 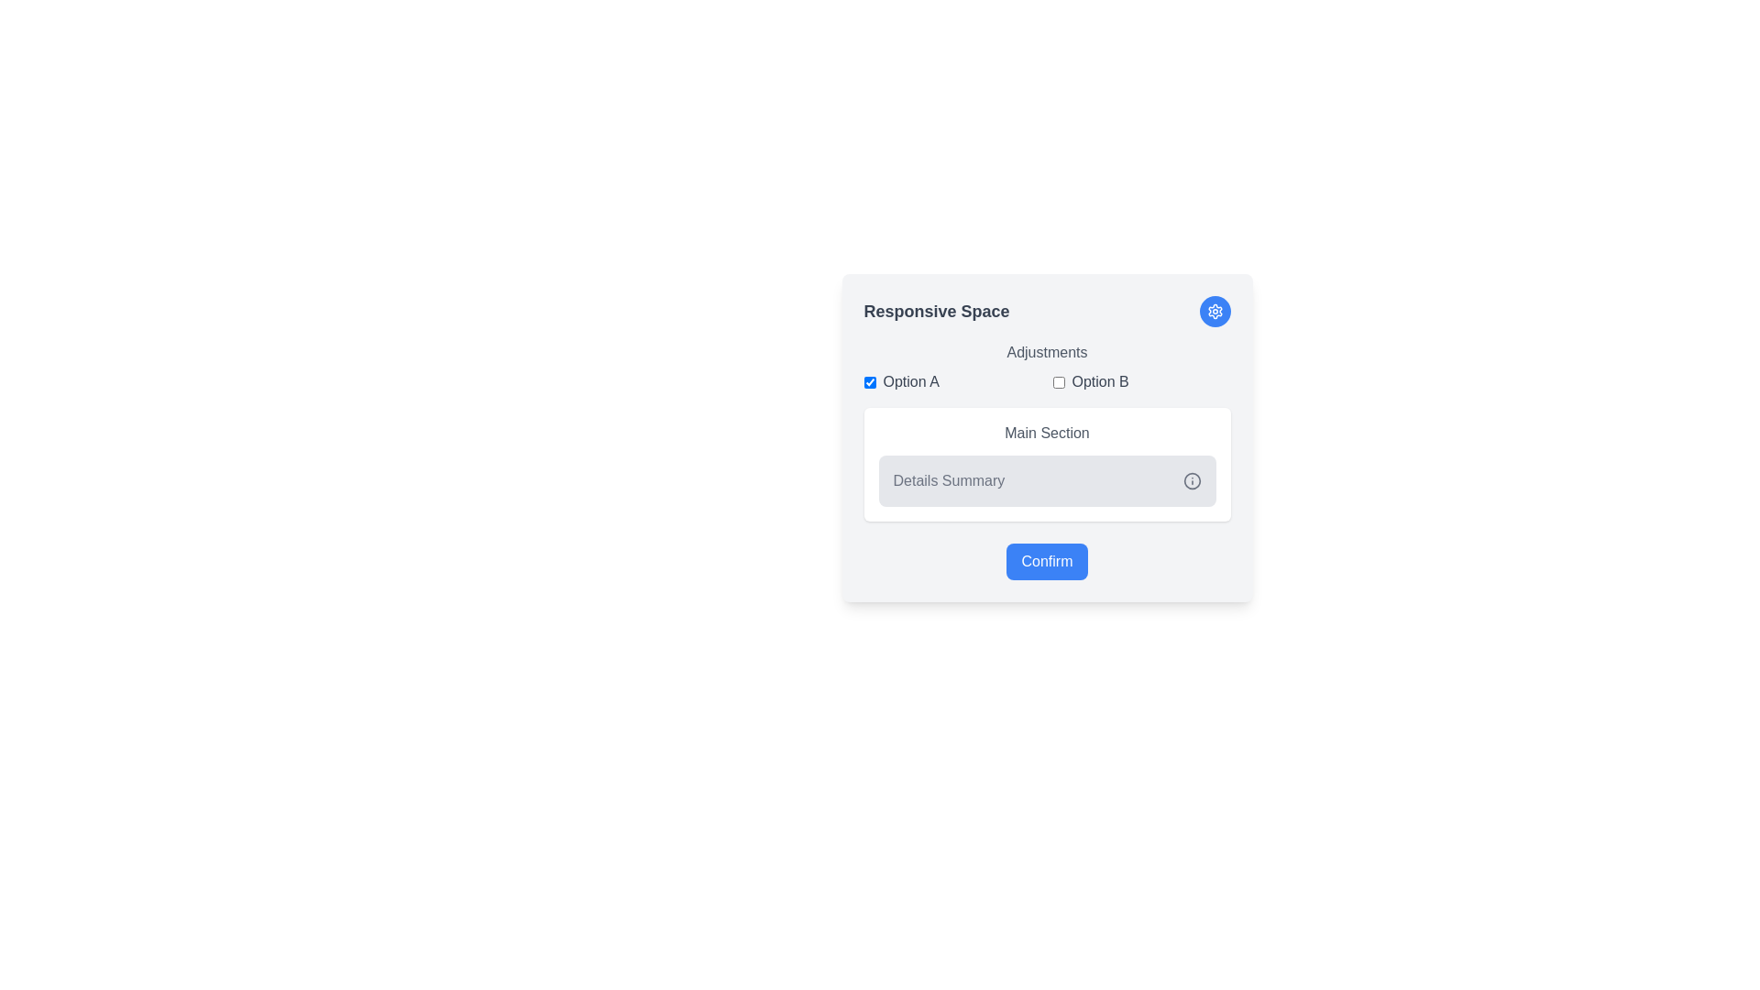 I want to click on the settings button located at the far right side of the header in the 'Responsive Space' section, so click(x=1215, y=310).